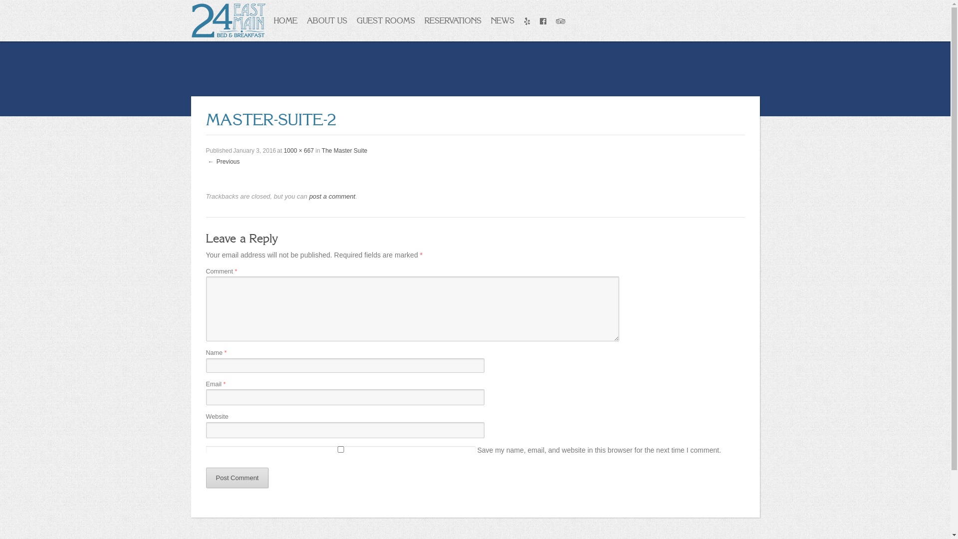 The image size is (958, 539). I want to click on 'ABOUT US', so click(326, 20).